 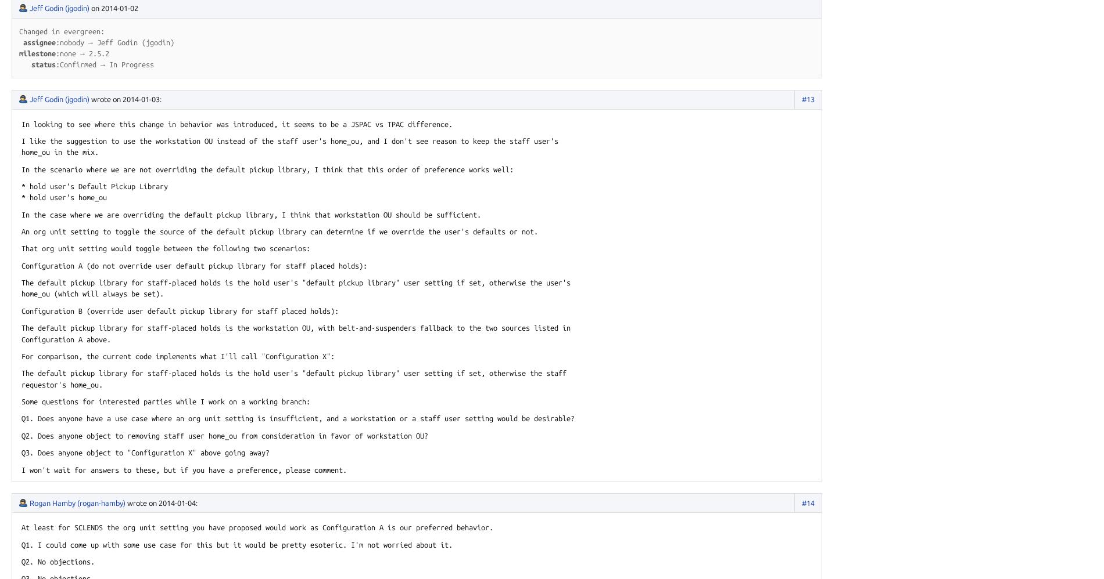 What do you see at coordinates (37, 53) in the screenshot?
I see `'milestone'` at bounding box center [37, 53].